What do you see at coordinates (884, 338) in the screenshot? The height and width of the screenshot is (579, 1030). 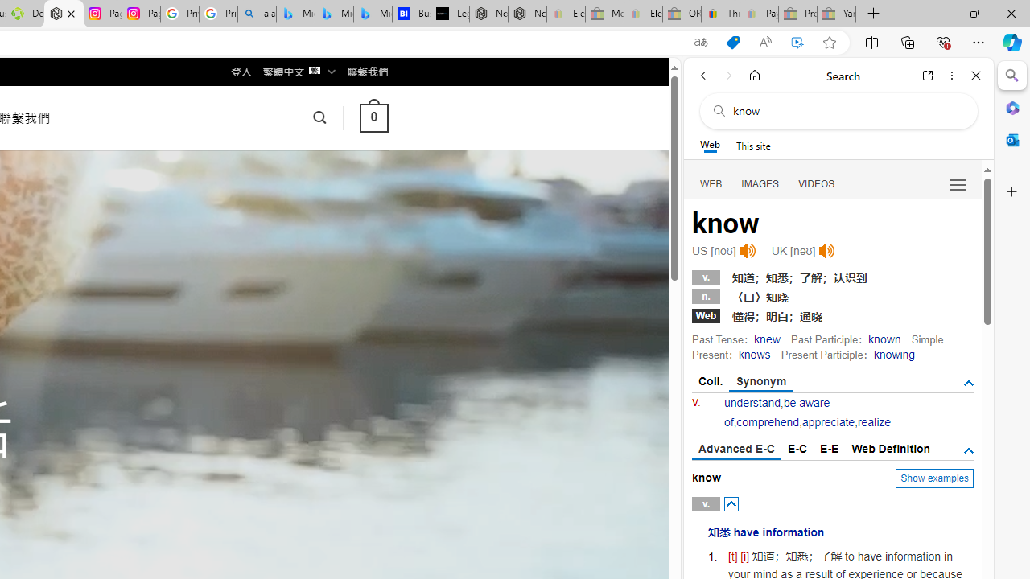 I see `'known'` at bounding box center [884, 338].